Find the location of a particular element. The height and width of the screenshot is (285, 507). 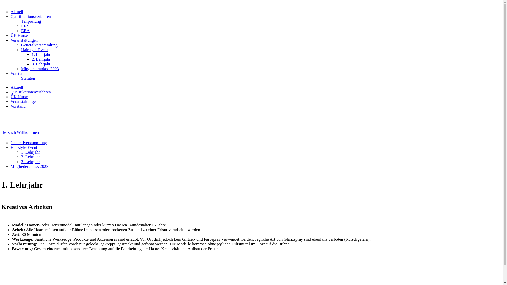

'Vorstand' is located at coordinates (18, 106).